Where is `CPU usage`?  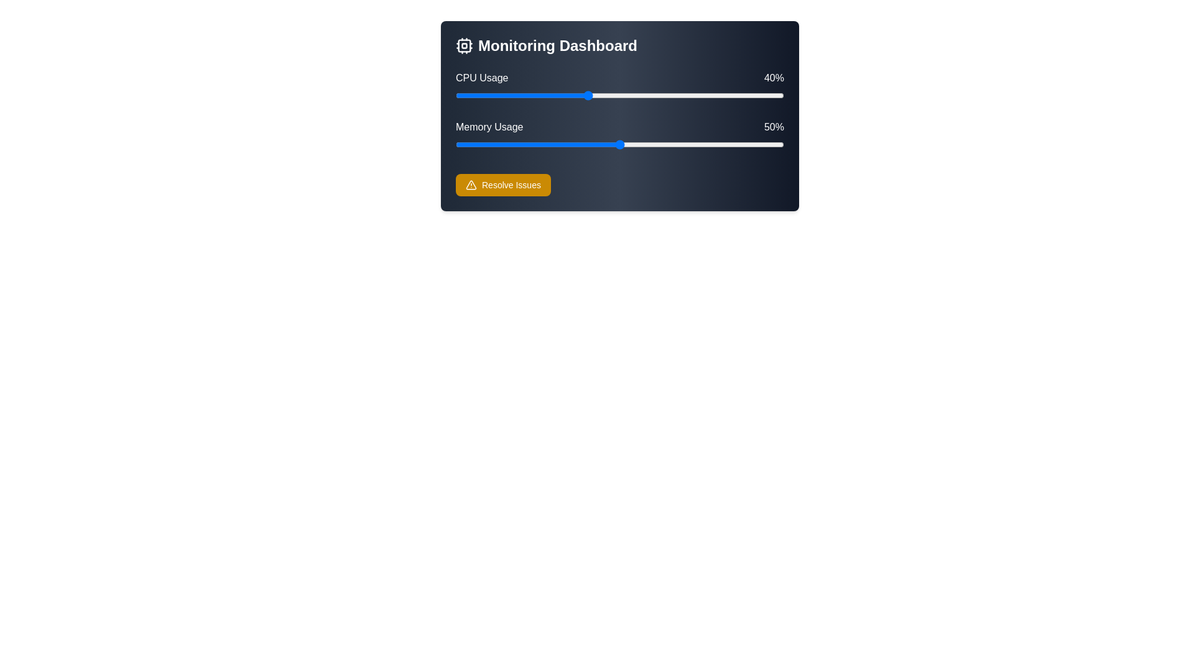
CPU usage is located at coordinates (576, 95).